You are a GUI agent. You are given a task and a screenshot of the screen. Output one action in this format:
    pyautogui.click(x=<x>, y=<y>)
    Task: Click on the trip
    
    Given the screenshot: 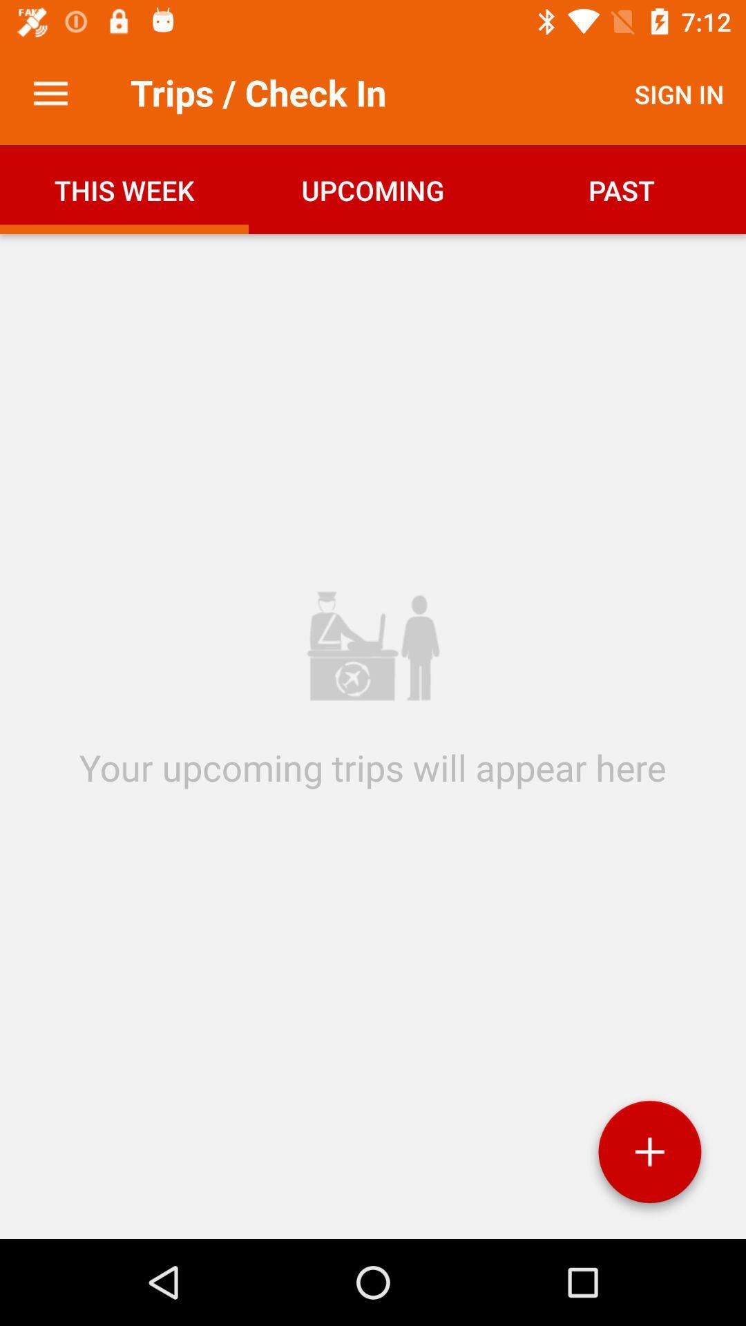 What is the action you would take?
    pyautogui.click(x=649, y=1157)
    